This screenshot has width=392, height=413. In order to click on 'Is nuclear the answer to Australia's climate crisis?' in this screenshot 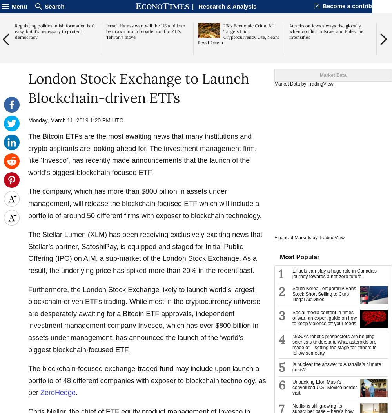, I will do `click(336, 367)`.